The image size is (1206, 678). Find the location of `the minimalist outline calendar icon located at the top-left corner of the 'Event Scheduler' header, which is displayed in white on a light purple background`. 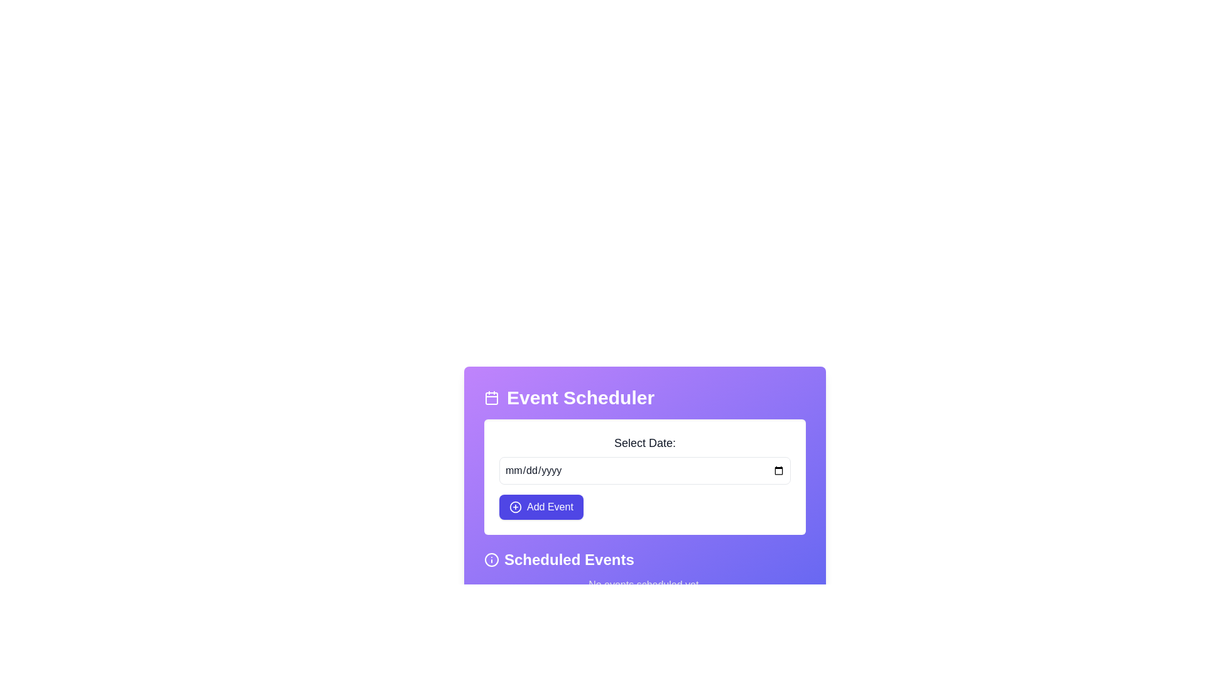

the minimalist outline calendar icon located at the top-left corner of the 'Event Scheduler' header, which is displayed in white on a light purple background is located at coordinates (491, 397).